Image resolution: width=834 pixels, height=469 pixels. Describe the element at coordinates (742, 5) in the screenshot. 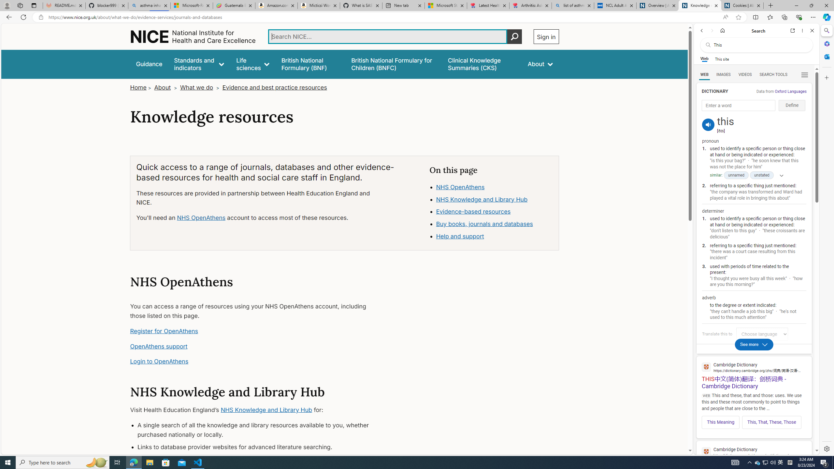

I see `'Cookies | About | NICE'` at that location.